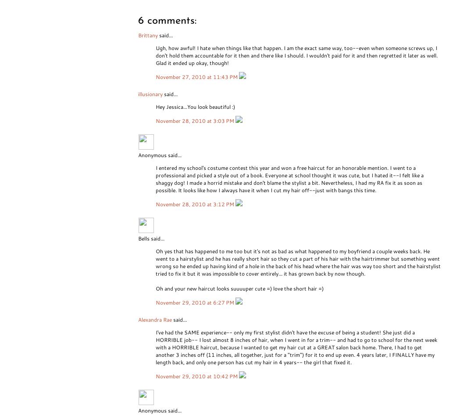 The width and height of the screenshot is (464, 420). Describe the element at coordinates (195, 204) in the screenshot. I see `'November 28, 2010 at 3:12 PM'` at that location.